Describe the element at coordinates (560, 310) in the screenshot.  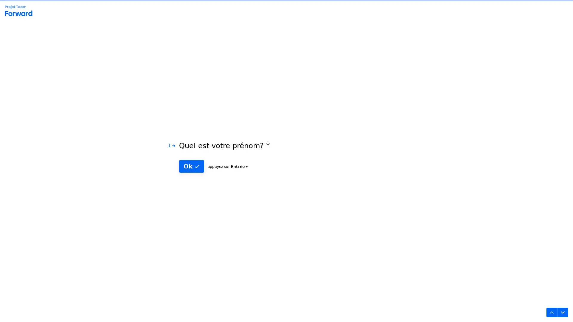
I see `Question suivante` at that location.